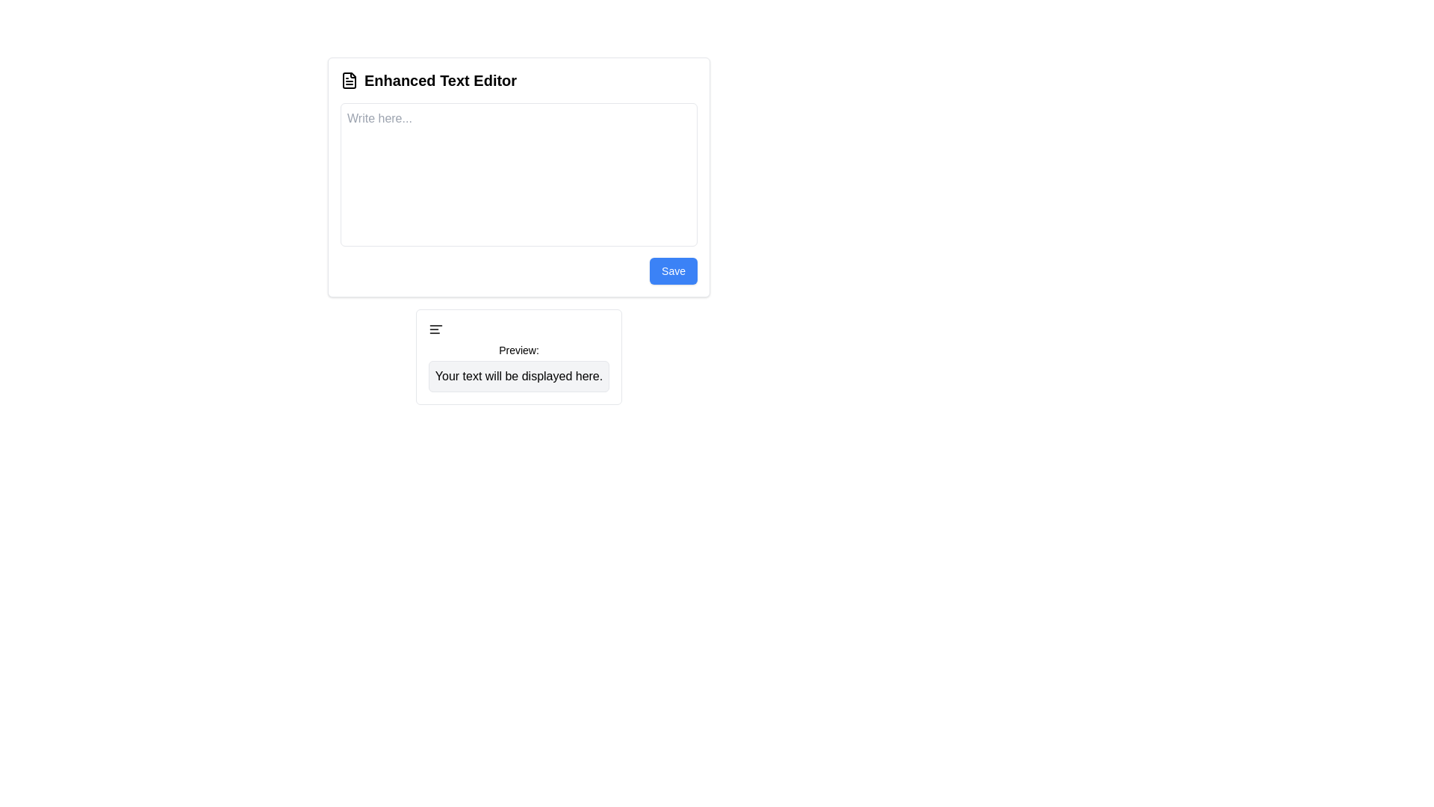 This screenshot has width=1434, height=807. What do you see at coordinates (519, 376) in the screenshot?
I see `text content from the Text display box that has a light gray background and shows 'Your text will be displayed here.'` at bounding box center [519, 376].